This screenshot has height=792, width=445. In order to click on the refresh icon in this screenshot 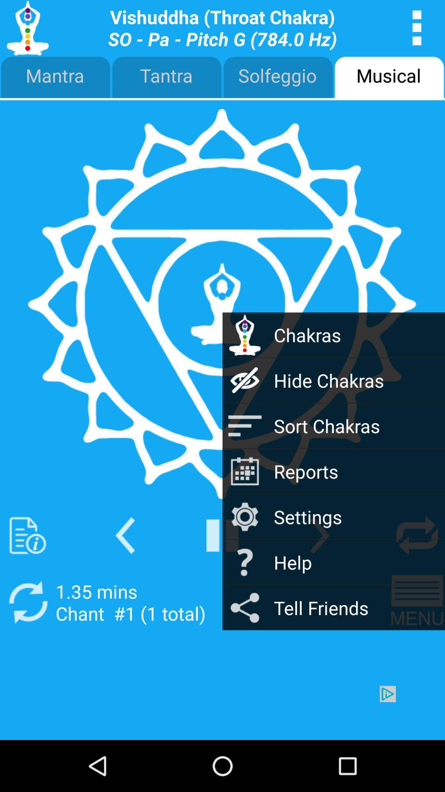, I will do `click(27, 644)`.